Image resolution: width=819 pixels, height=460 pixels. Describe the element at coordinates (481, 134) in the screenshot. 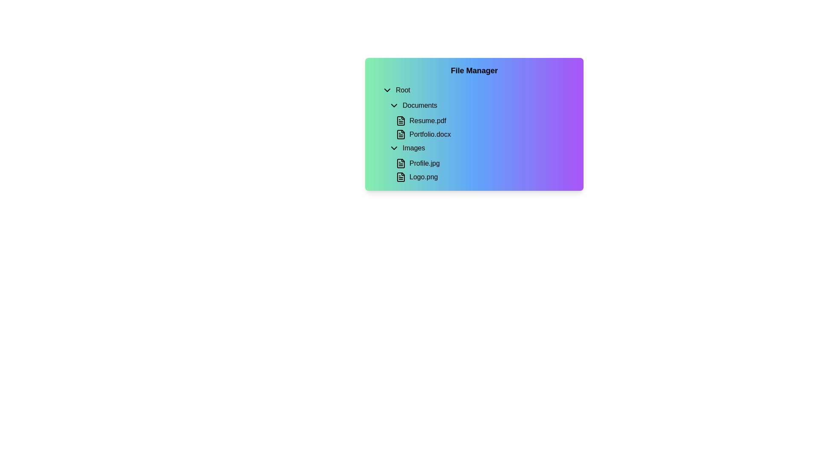

I see `the 'Portfolio.docx' file entry in the 'Documents' section of the File Manager` at that location.